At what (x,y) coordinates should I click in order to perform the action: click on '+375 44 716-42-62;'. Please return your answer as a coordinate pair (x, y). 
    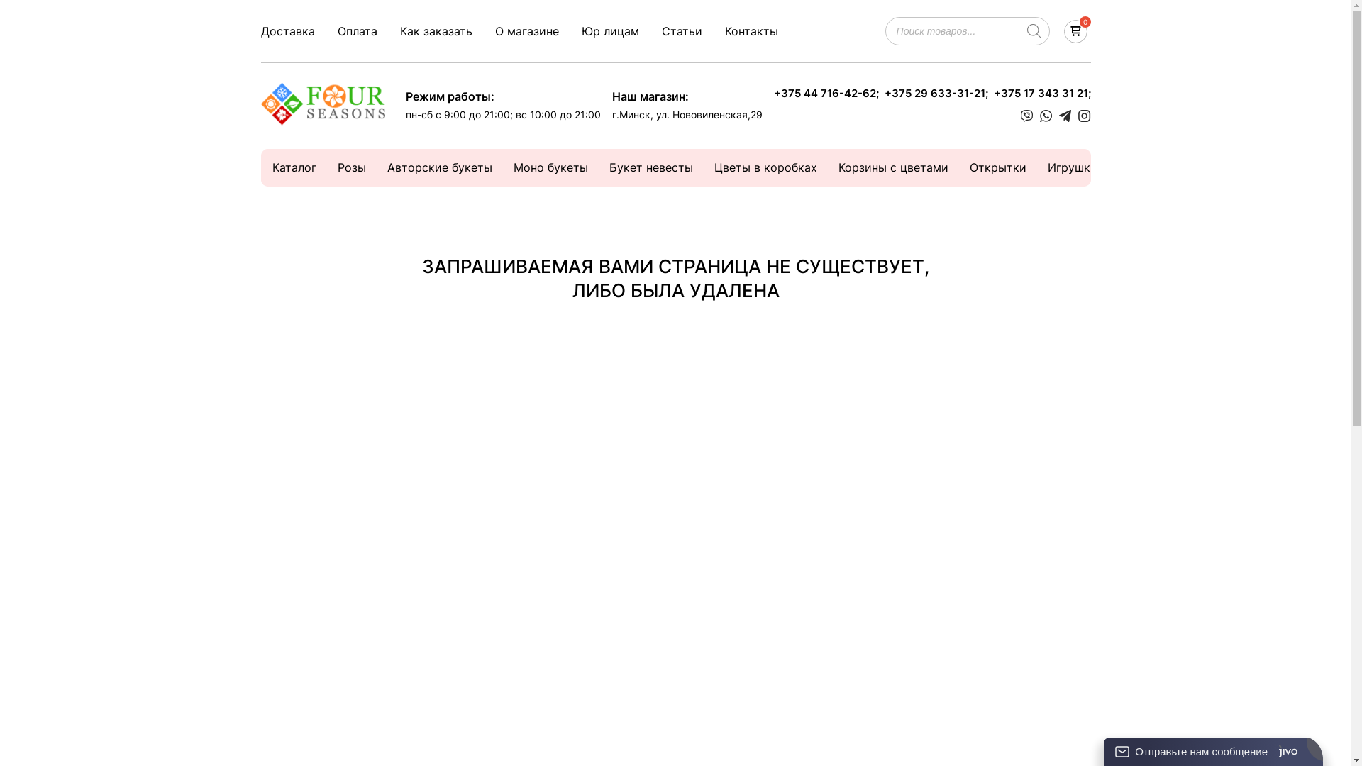
    Looking at the image, I should click on (825, 94).